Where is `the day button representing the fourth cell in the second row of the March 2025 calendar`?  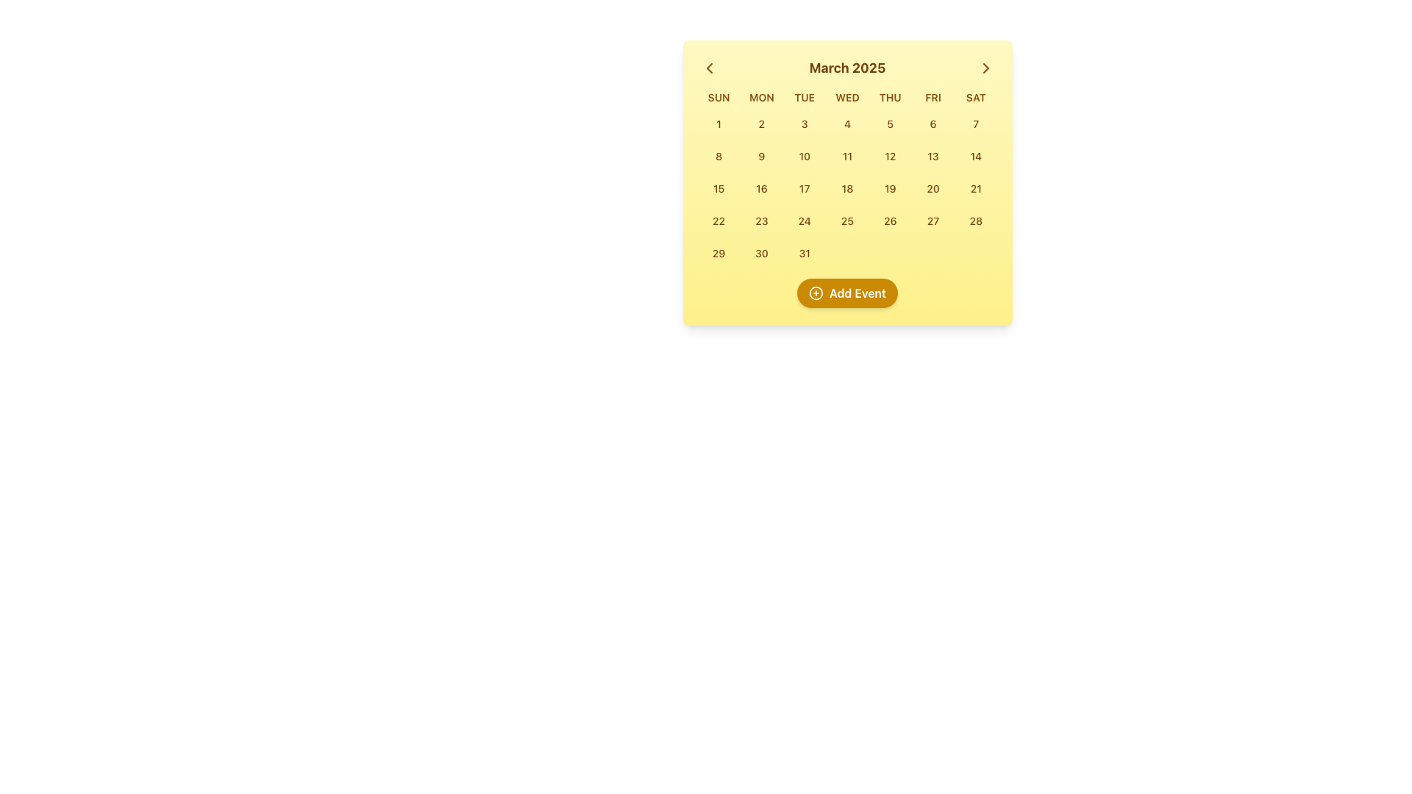
the day button representing the fourth cell in the second row of the March 2025 calendar is located at coordinates (889, 156).